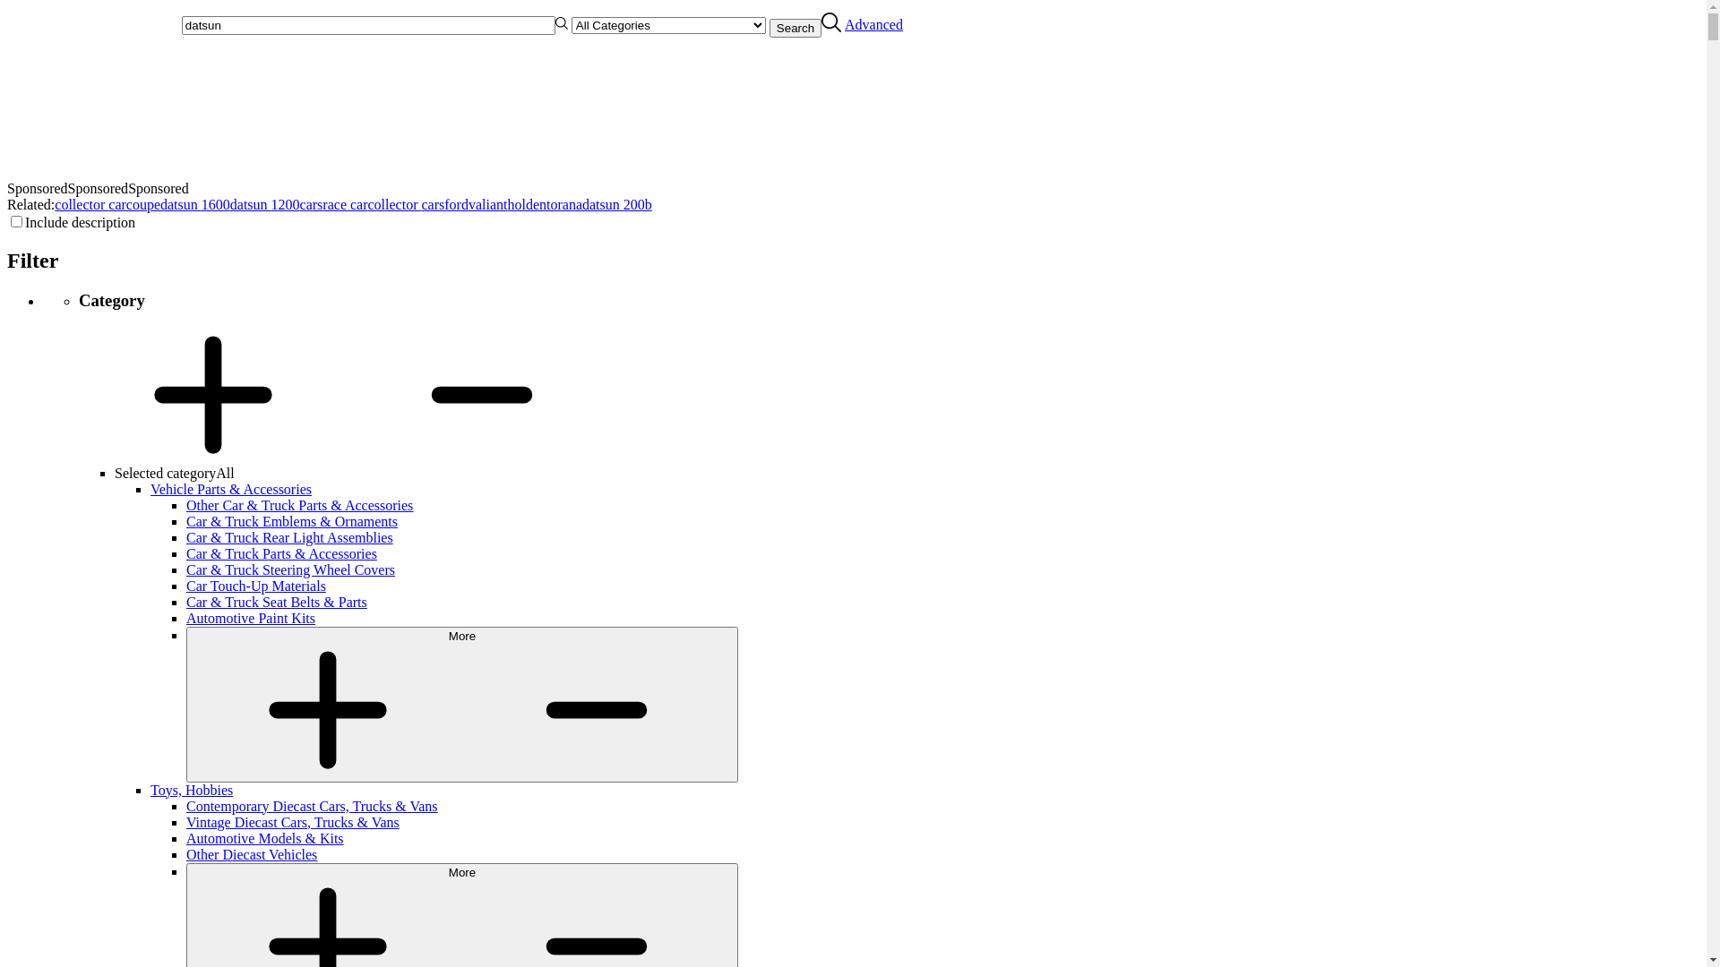  Describe the element at coordinates (488, 203) in the screenshot. I see `'valiant'` at that location.